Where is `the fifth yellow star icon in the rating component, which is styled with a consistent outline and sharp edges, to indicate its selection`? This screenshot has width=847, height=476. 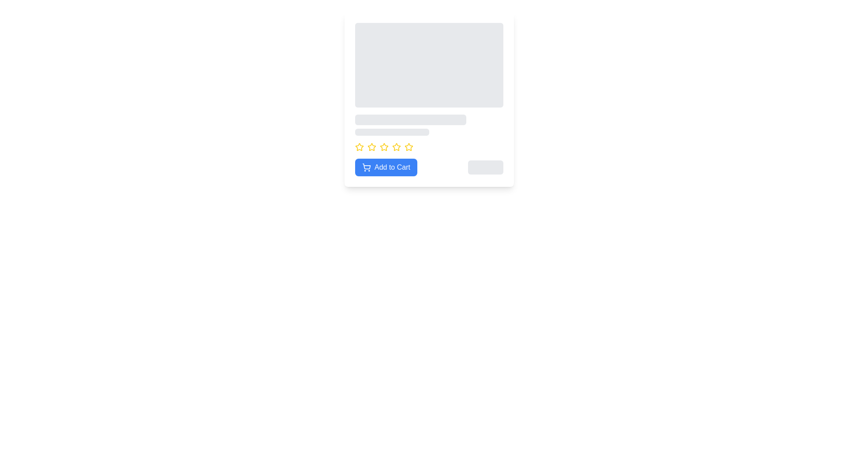 the fifth yellow star icon in the rating component, which is styled with a consistent outline and sharp edges, to indicate its selection is located at coordinates (384, 147).